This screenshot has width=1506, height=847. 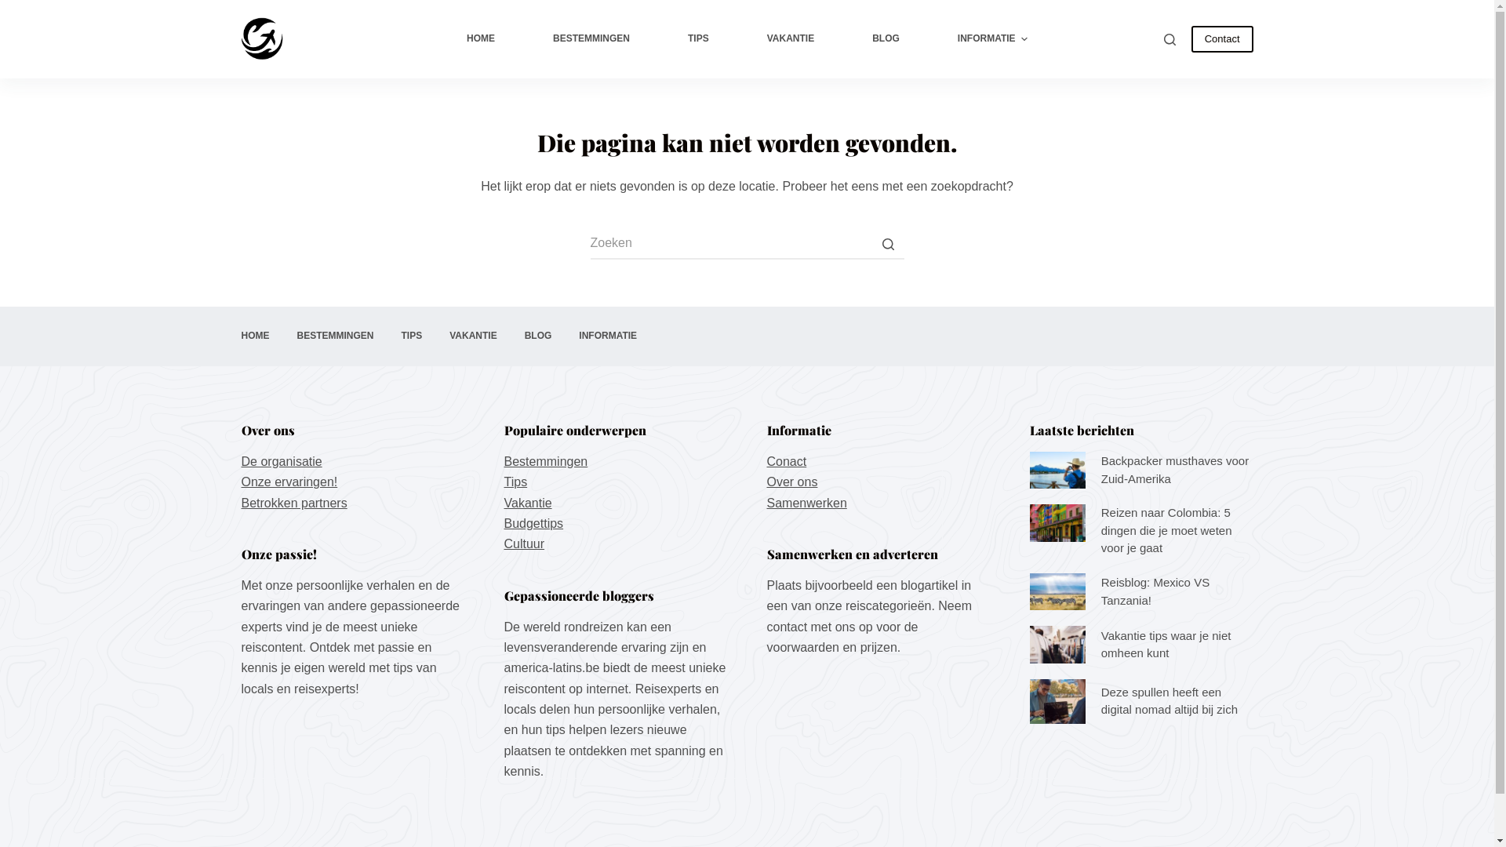 I want to click on 'Tips', so click(x=515, y=481).